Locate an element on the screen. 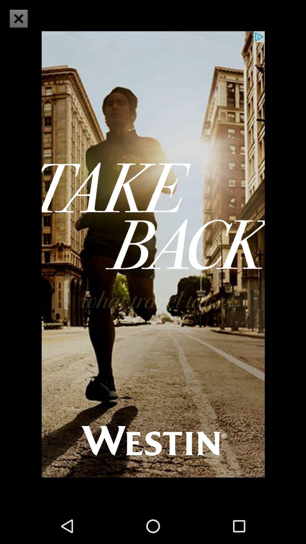 The height and width of the screenshot is (544, 306). the close icon is located at coordinates (18, 20).